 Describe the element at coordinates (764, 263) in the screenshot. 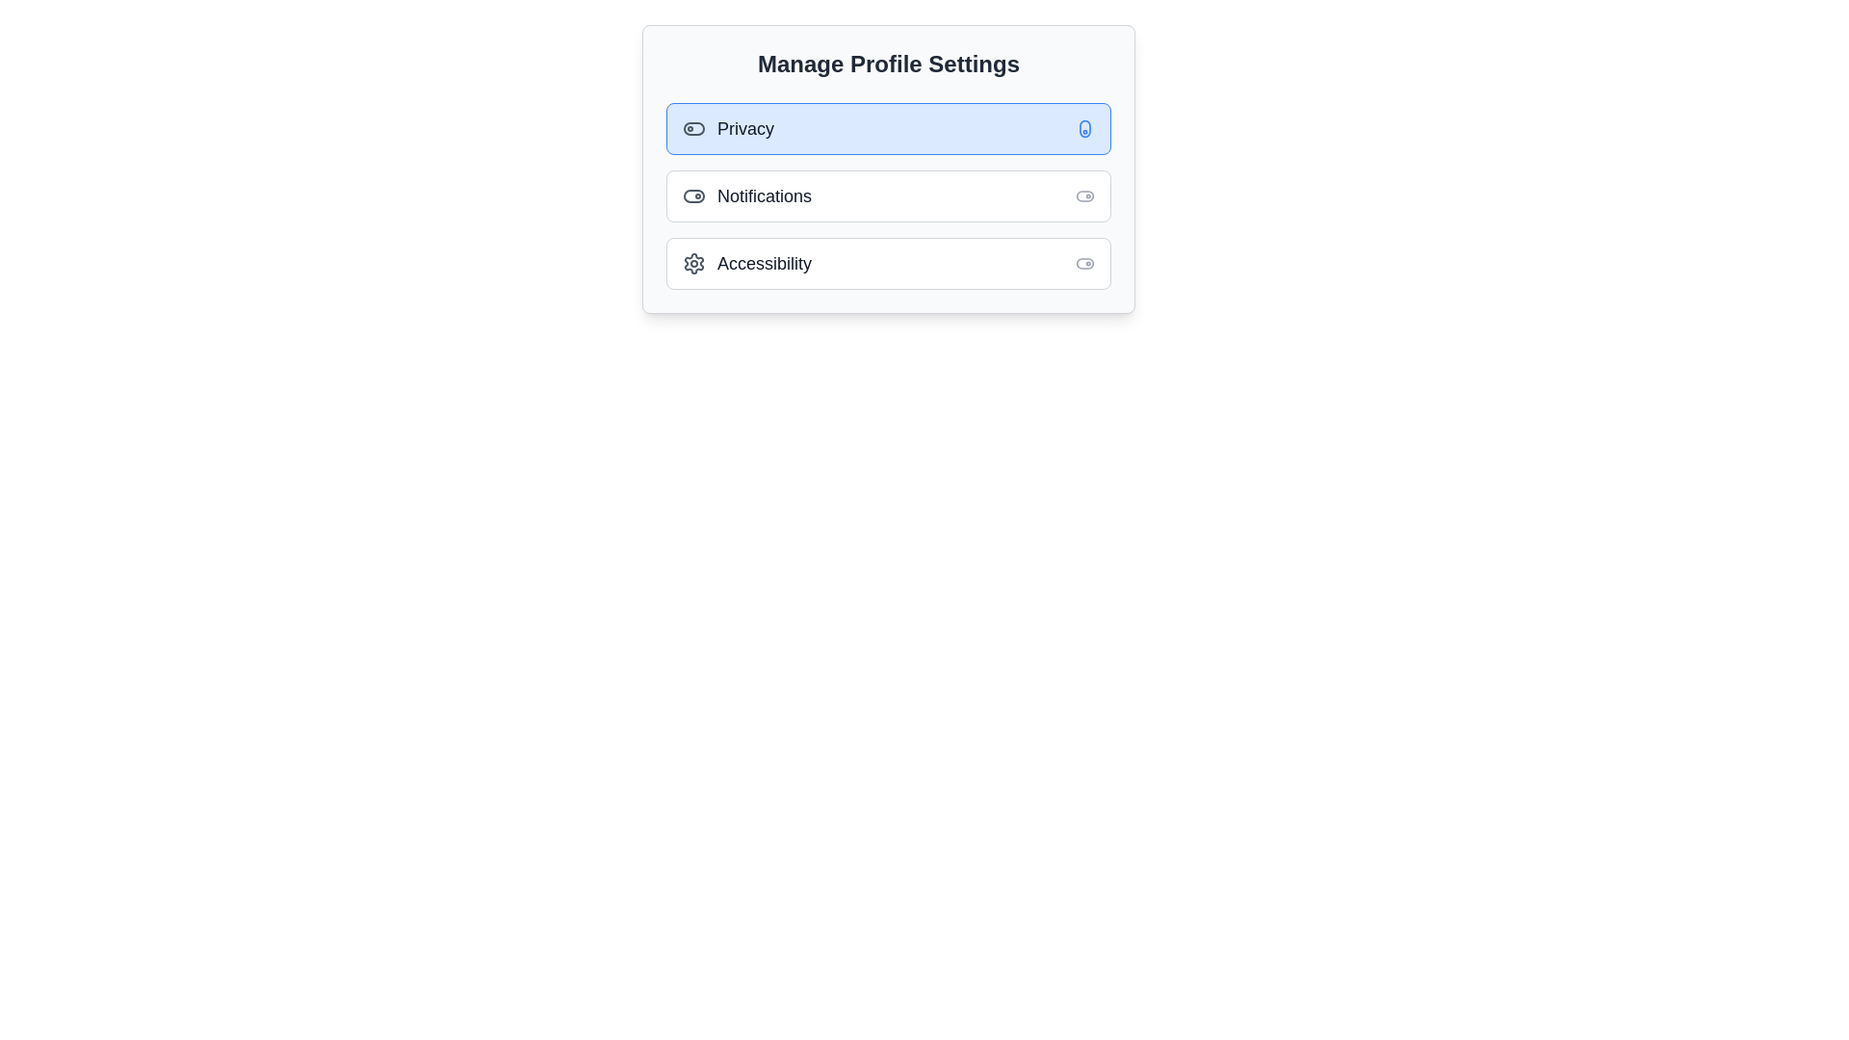

I see `the 'Accessibility' settings label, which is the third item in the vertical settings list under 'Manage Profile Settings', located to the right of the gear icon` at that location.